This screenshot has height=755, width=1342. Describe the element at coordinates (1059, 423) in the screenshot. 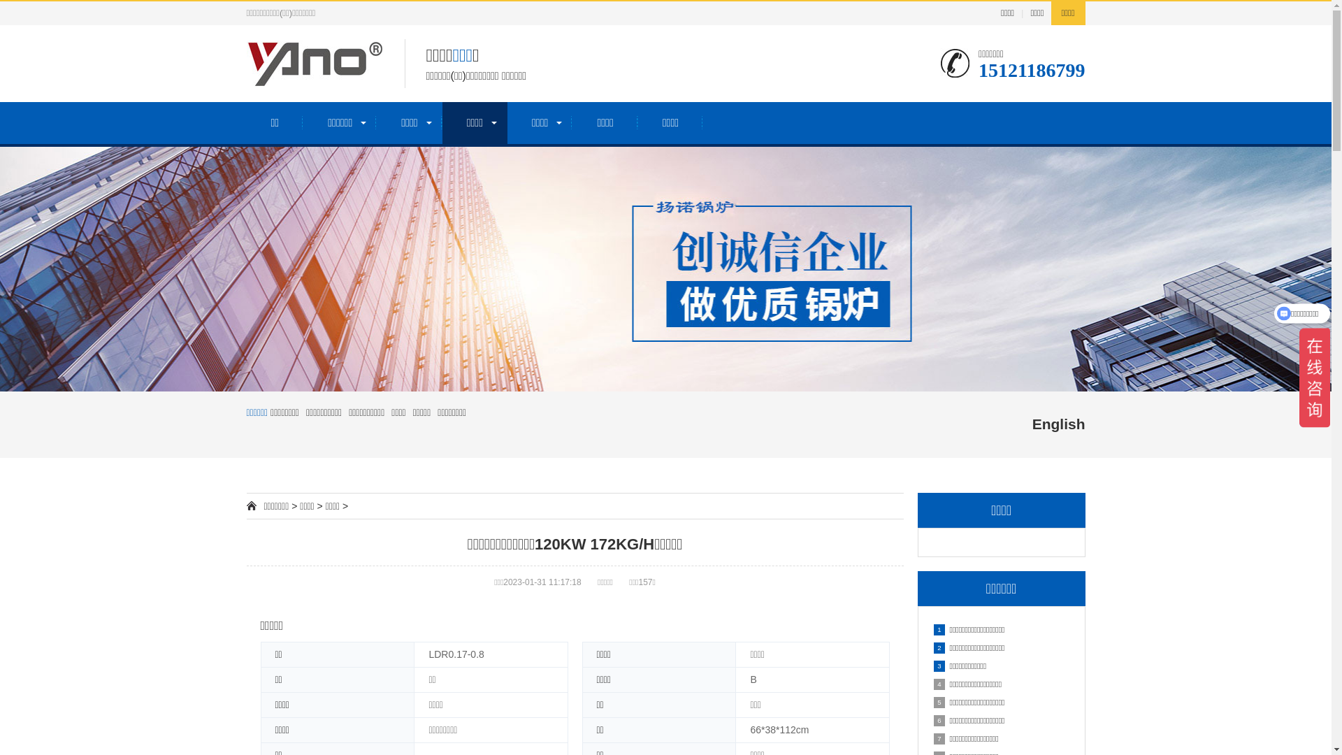

I see `'English'` at that location.